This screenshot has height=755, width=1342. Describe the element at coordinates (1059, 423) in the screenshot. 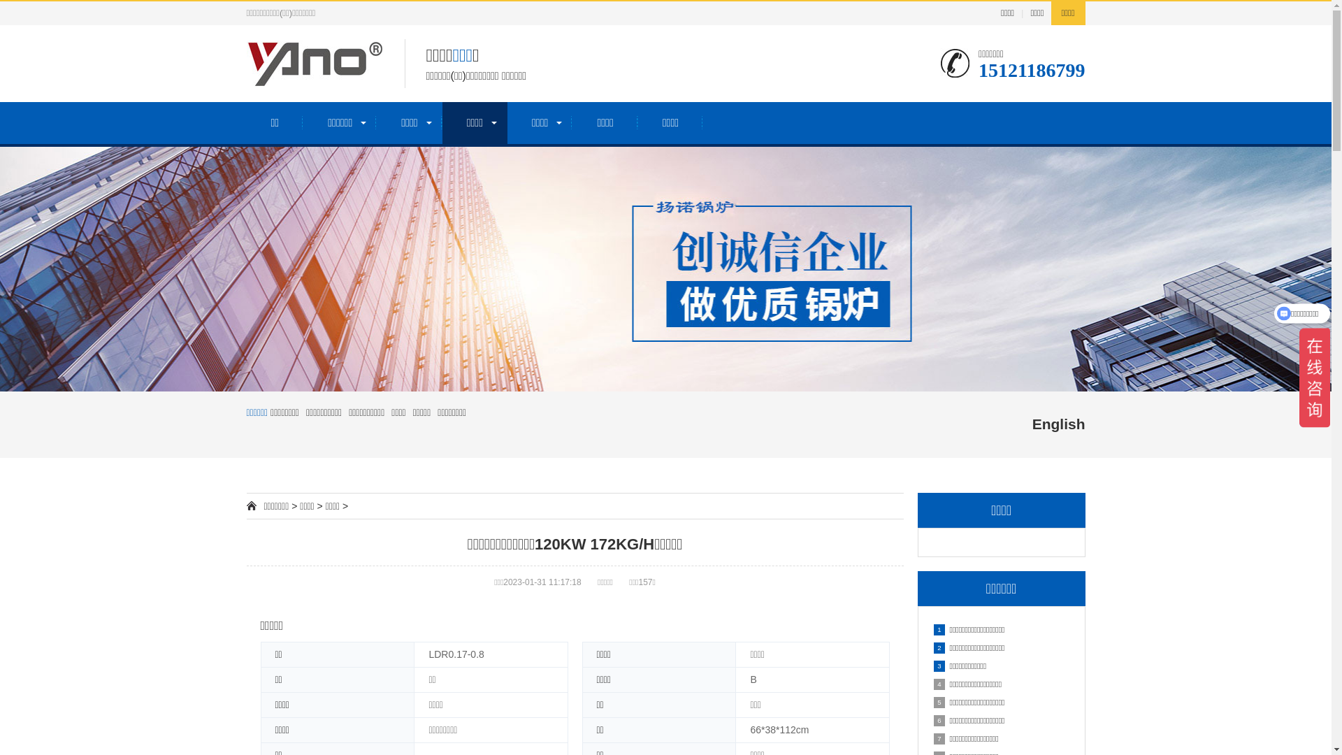

I see `'English'` at that location.